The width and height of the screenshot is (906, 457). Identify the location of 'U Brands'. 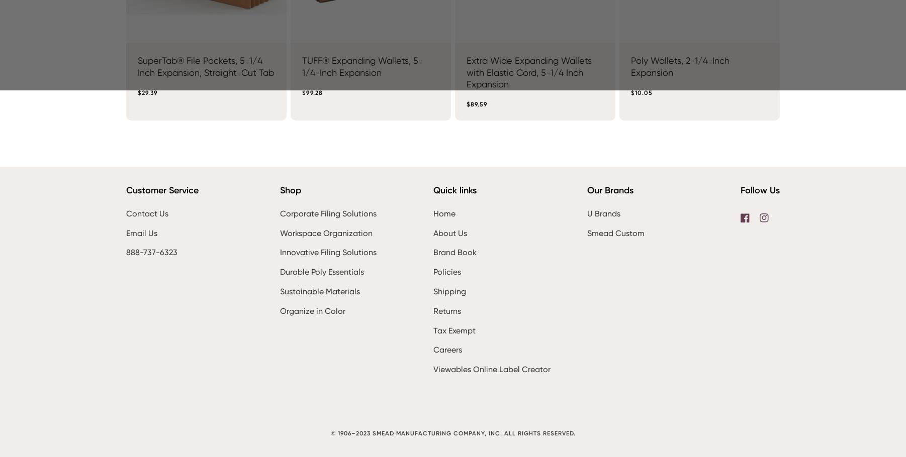
(603, 213).